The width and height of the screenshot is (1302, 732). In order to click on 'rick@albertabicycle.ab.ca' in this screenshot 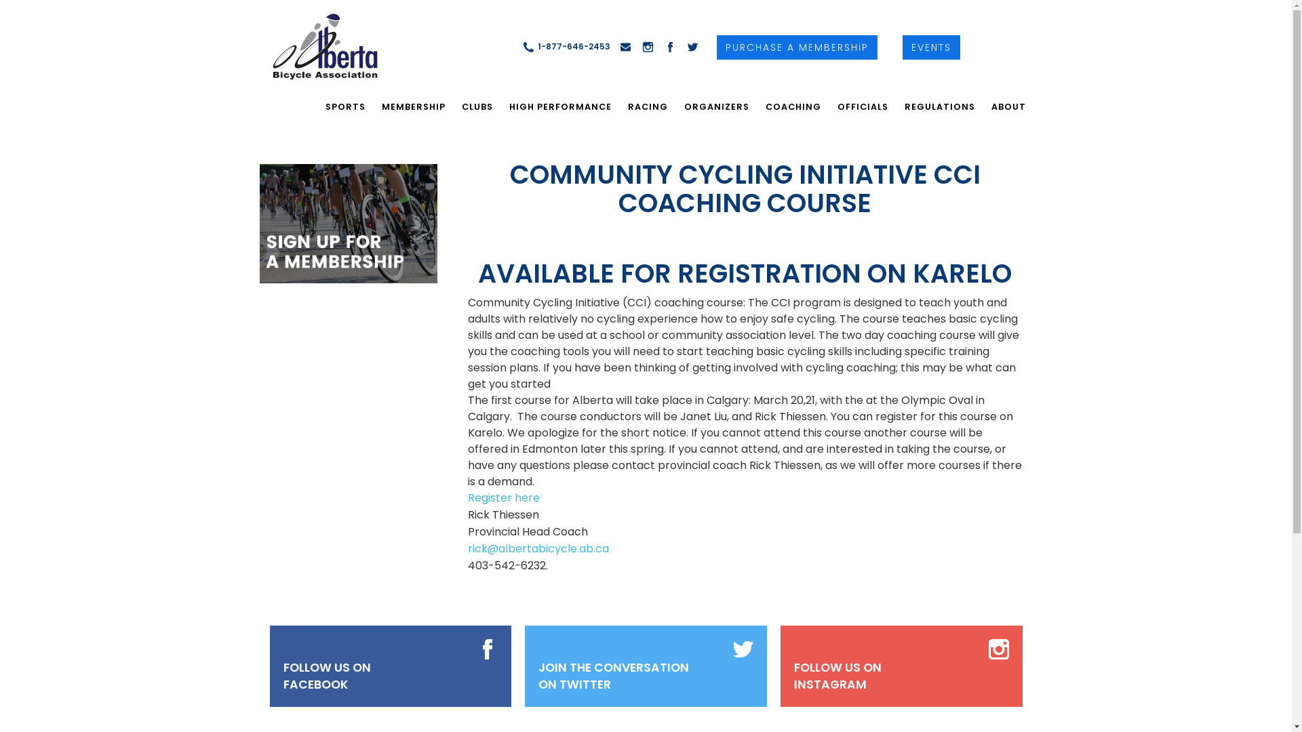, I will do `click(468, 548)`.